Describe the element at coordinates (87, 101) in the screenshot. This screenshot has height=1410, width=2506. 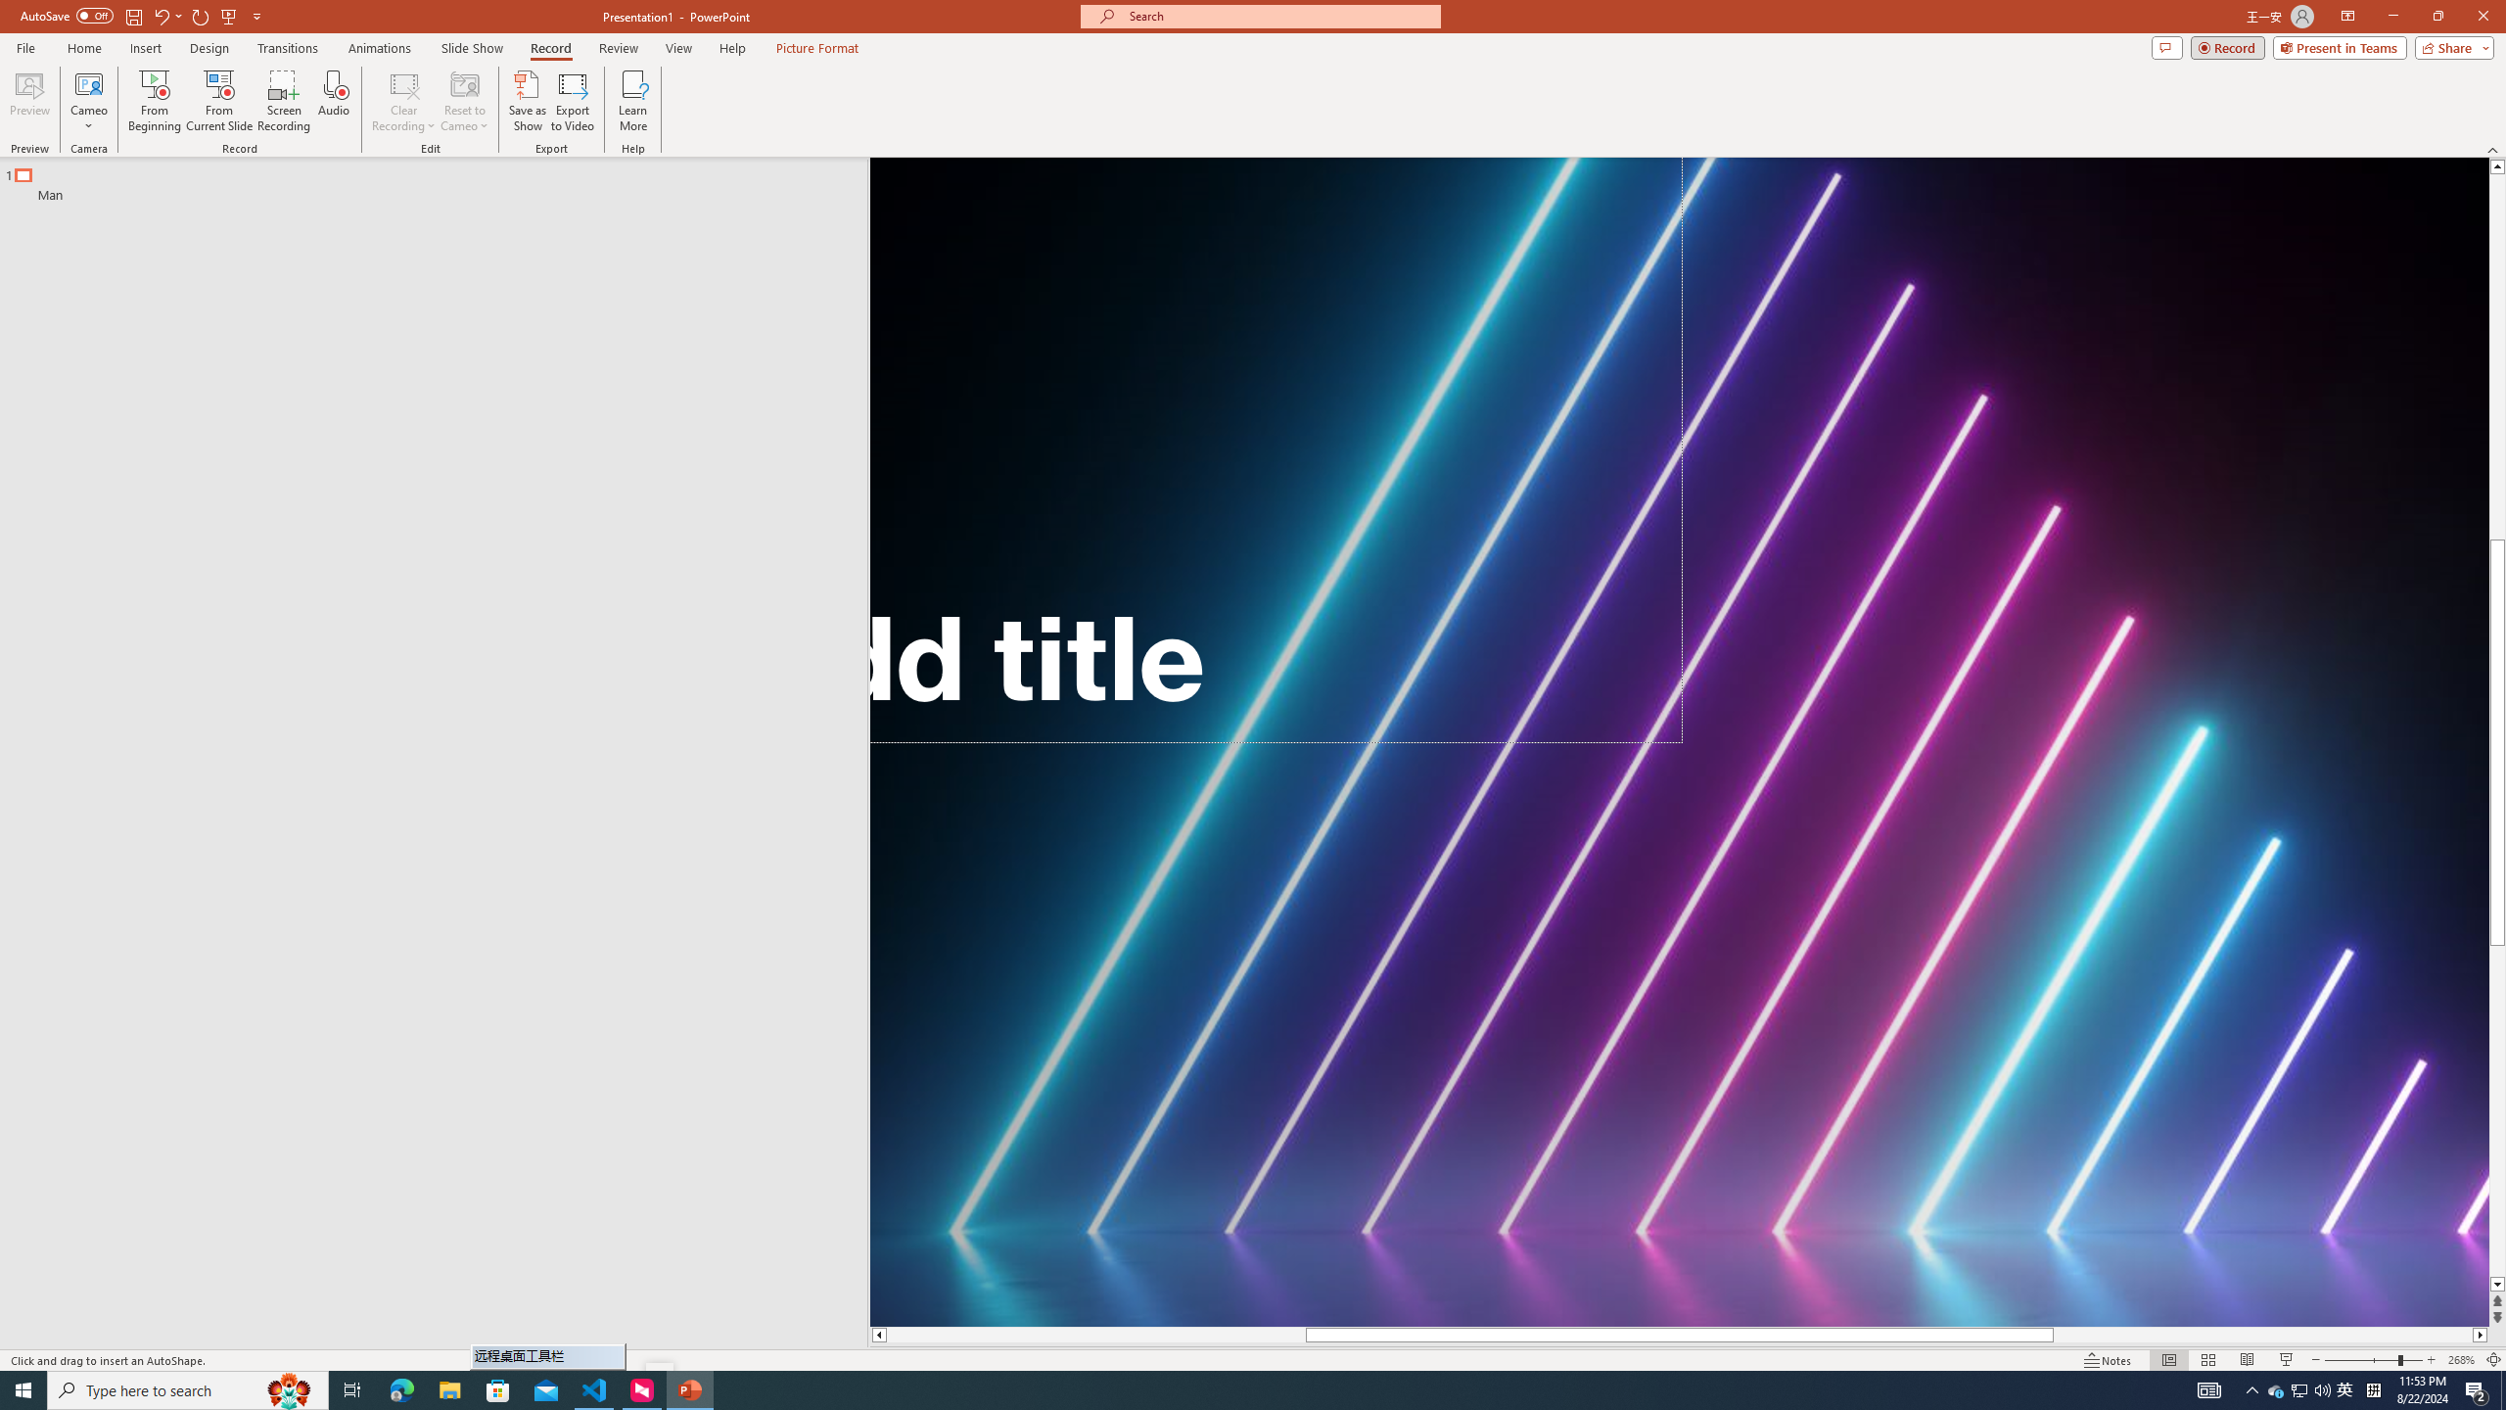
I see `'Cameo'` at that location.